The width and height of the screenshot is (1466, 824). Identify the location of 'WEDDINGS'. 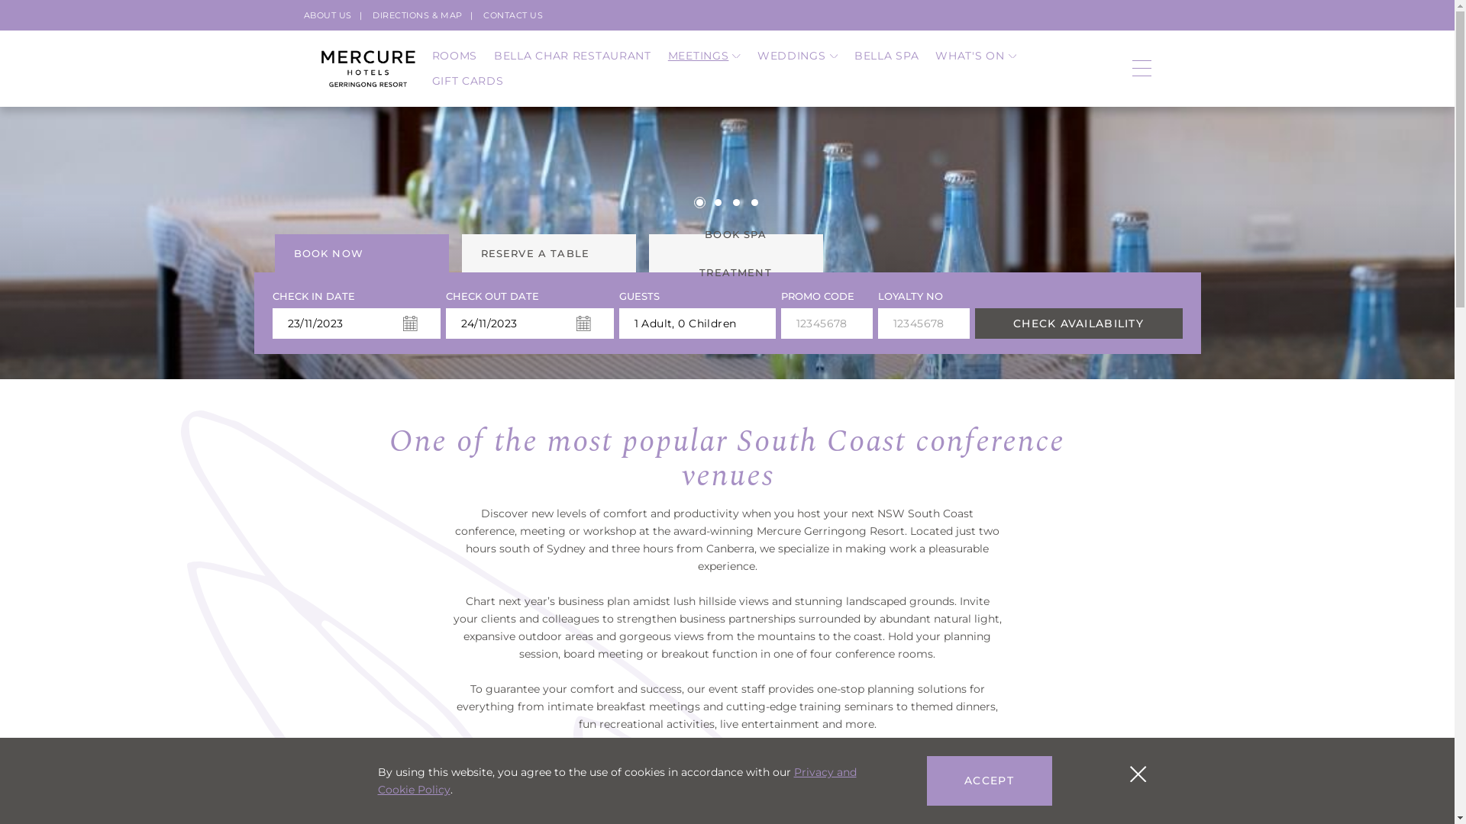
(796, 55).